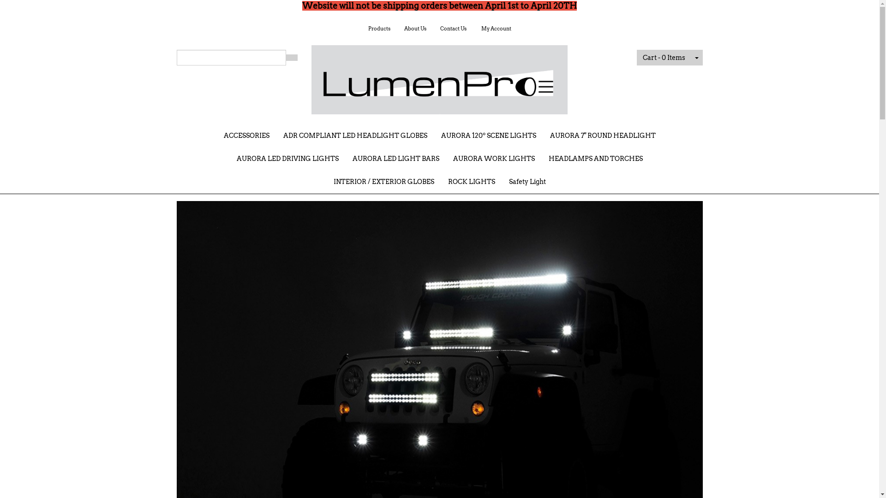 This screenshot has width=886, height=498. I want to click on 'About Us', so click(414, 28).